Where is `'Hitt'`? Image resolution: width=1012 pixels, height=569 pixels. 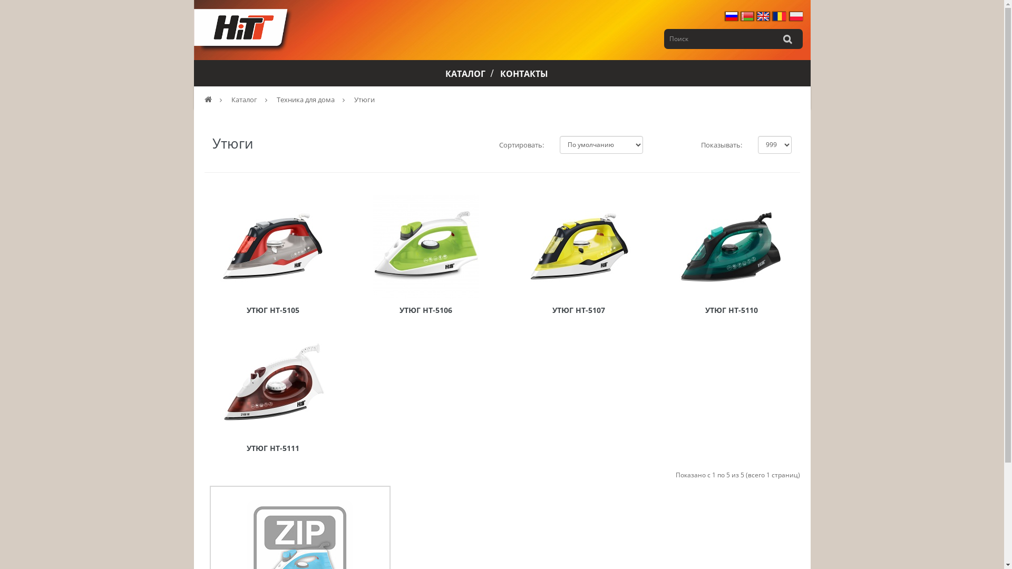 'Hitt' is located at coordinates (243, 30).